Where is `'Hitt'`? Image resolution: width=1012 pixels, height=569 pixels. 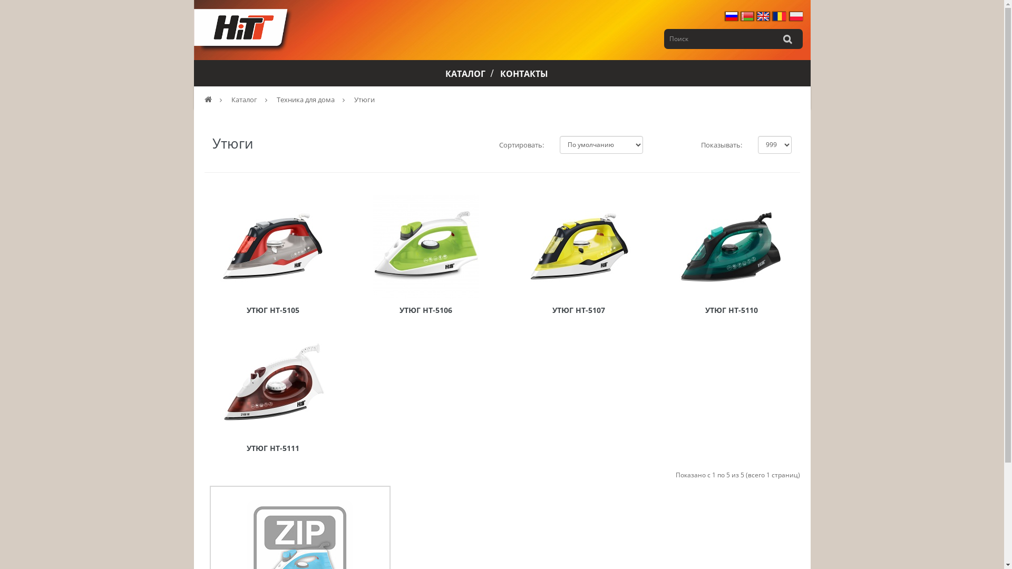 'Hitt' is located at coordinates (243, 30).